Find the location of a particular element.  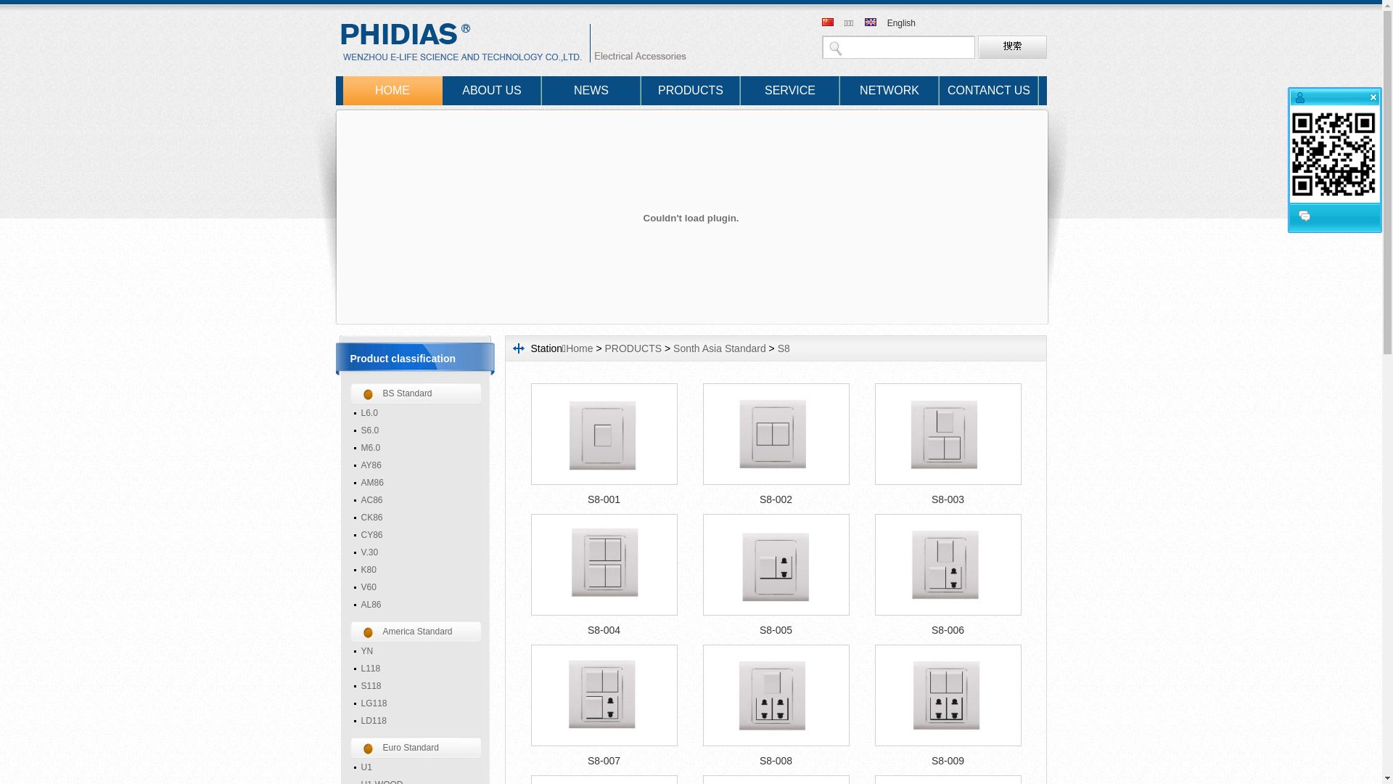

'S8-003' is located at coordinates (948, 498).